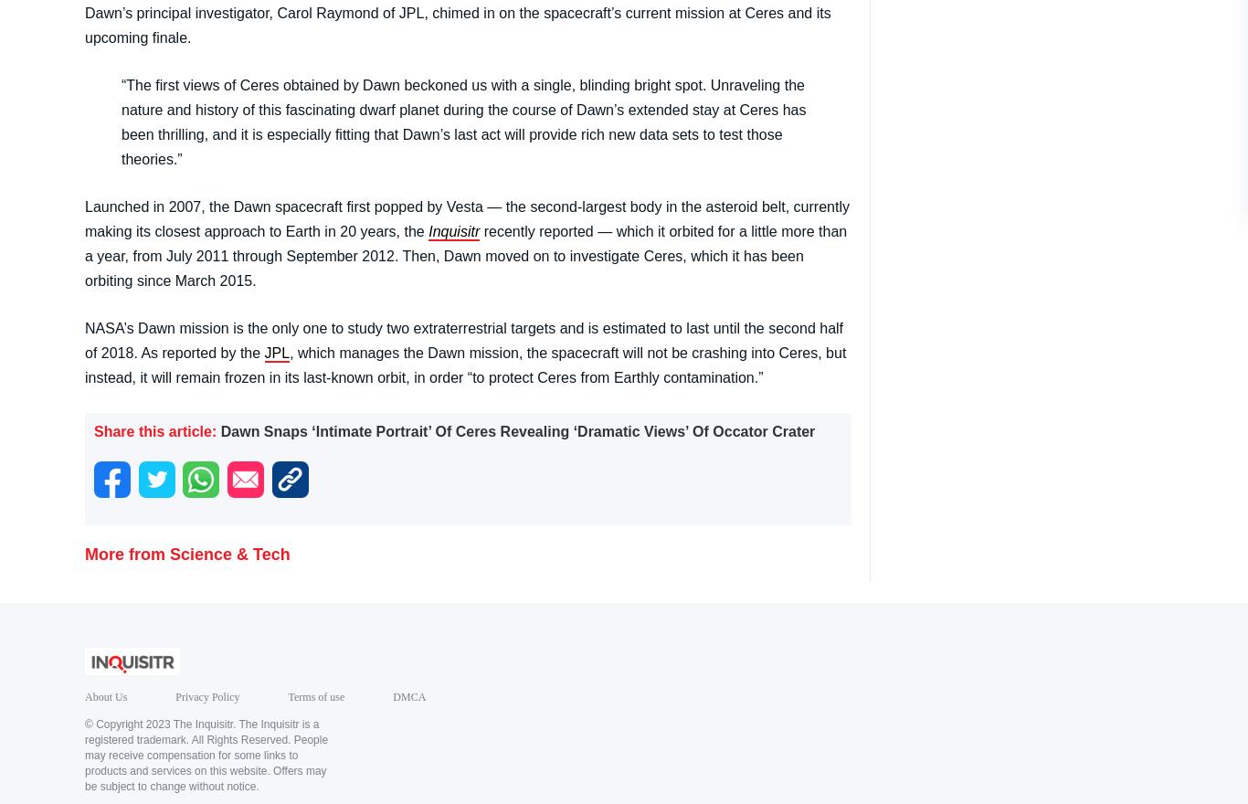 This screenshot has height=804, width=1248. I want to click on 'Share this article:', so click(93, 429).